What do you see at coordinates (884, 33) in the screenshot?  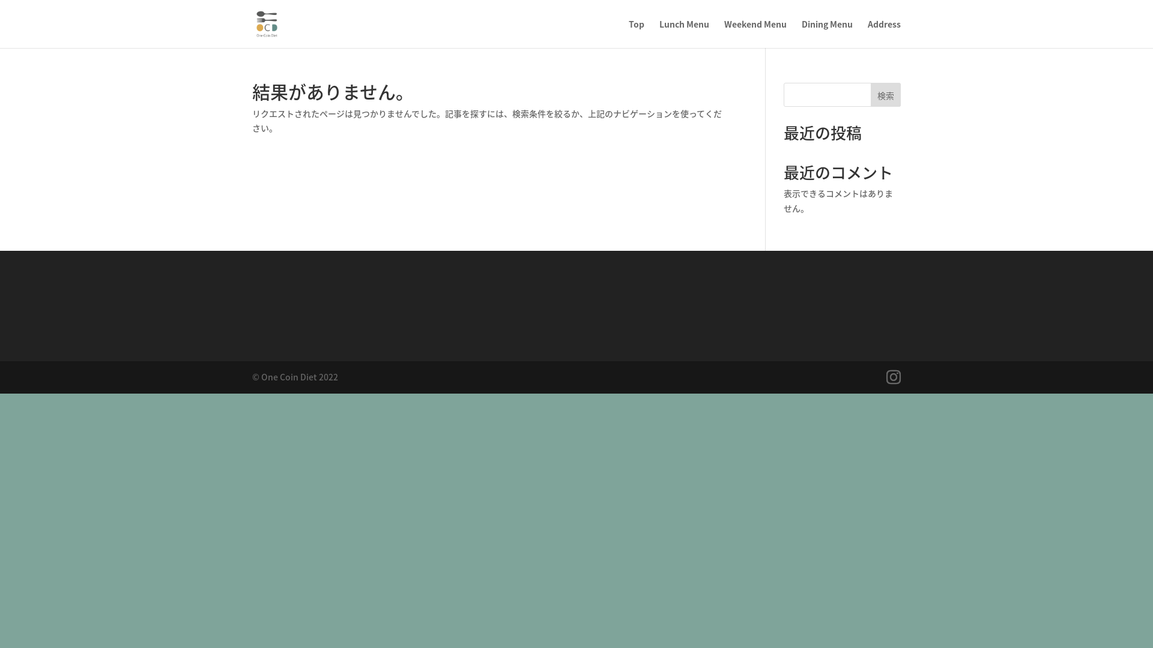 I see `'Address'` at bounding box center [884, 33].